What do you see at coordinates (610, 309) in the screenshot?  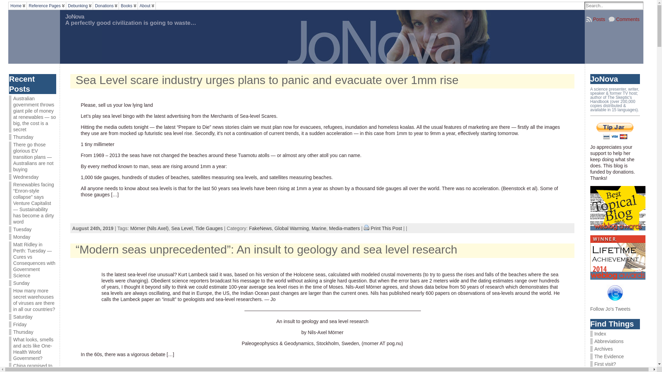 I see `'Follow Jo's Tweets'` at bounding box center [610, 309].